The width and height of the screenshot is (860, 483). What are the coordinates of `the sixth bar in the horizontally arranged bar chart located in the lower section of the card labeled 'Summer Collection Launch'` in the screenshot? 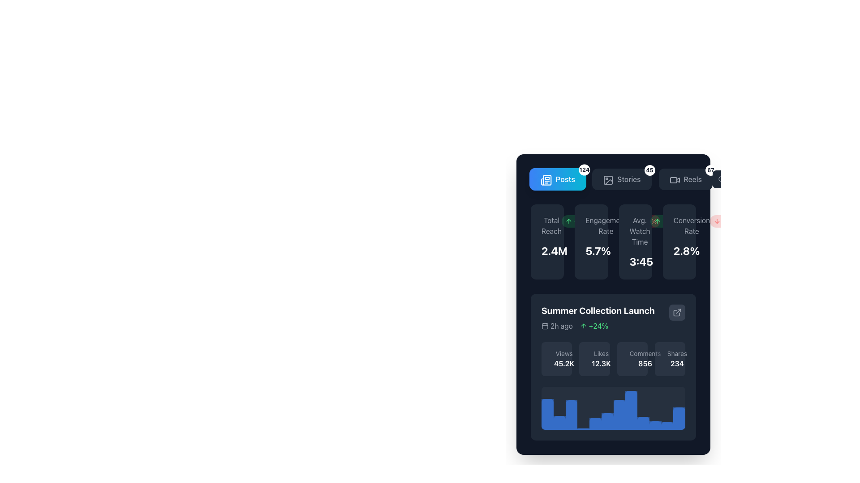 It's located at (607, 421).